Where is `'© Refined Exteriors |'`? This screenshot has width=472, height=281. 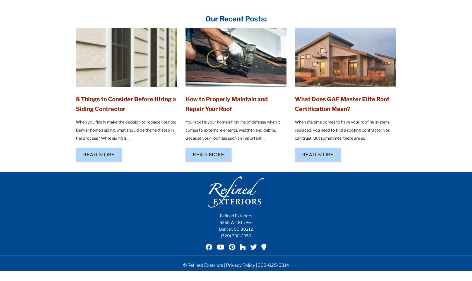 '© Refined Exteriors |' is located at coordinates (204, 265).